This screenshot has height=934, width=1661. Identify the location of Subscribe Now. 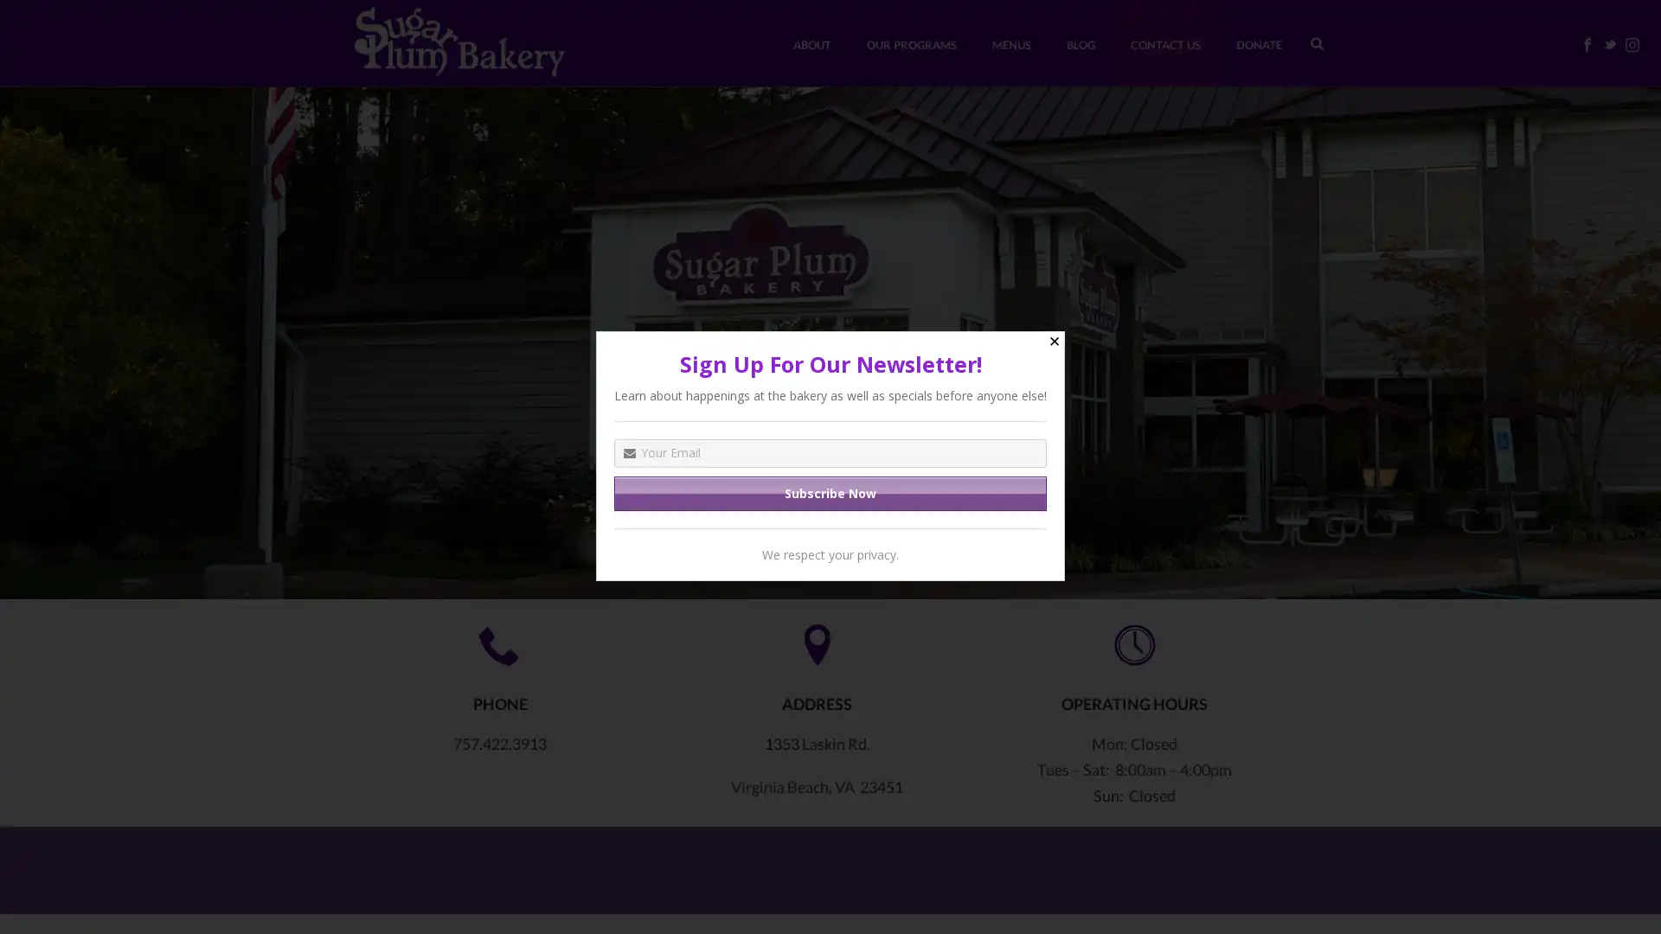
(830, 493).